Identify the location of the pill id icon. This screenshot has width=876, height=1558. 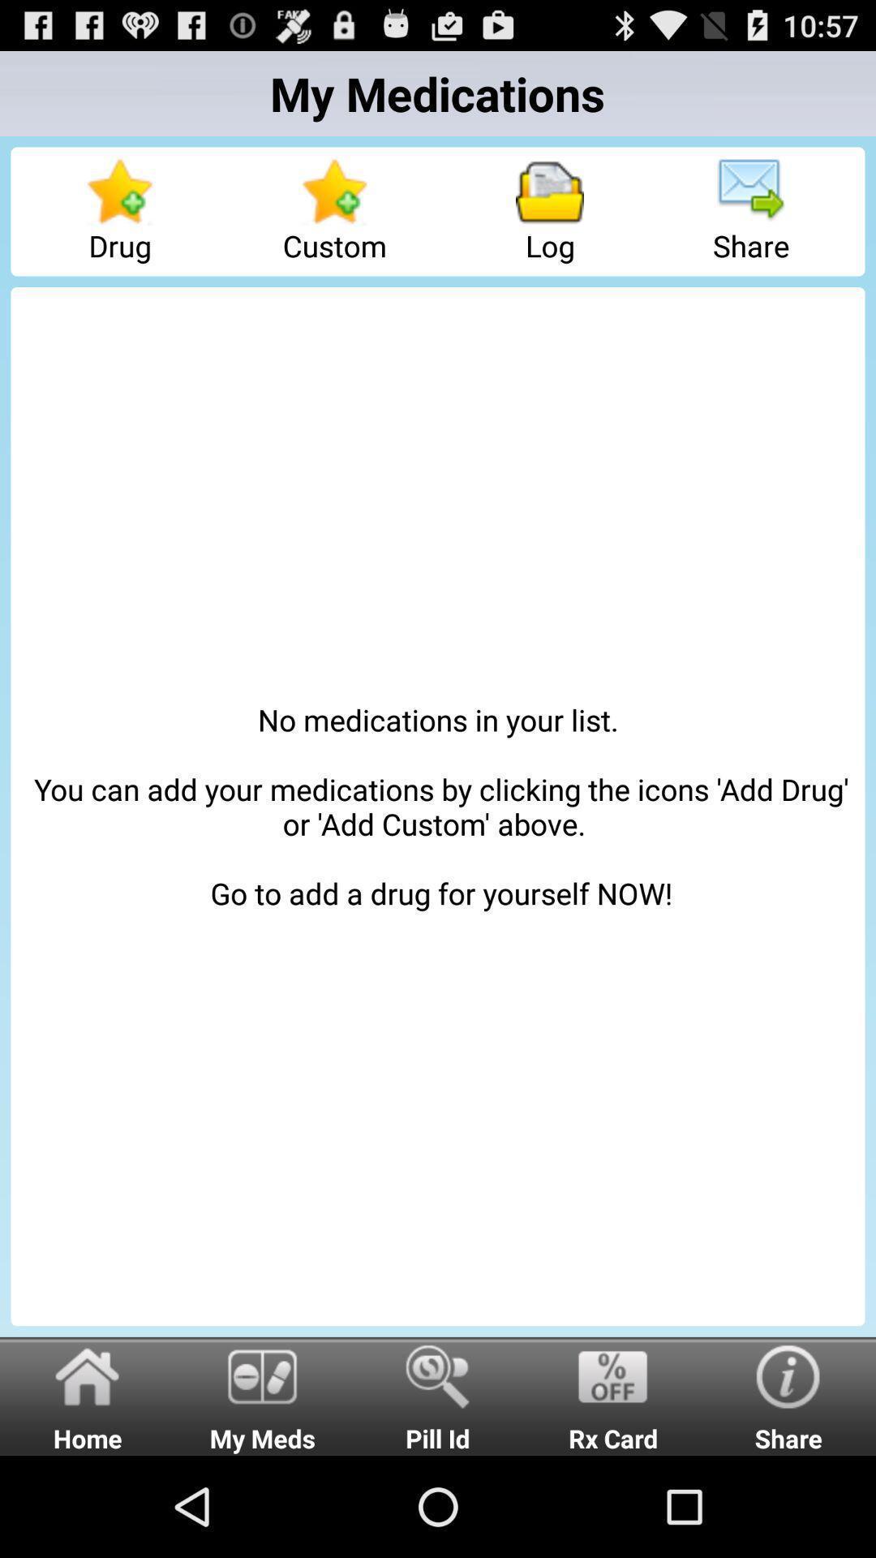
(438, 1395).